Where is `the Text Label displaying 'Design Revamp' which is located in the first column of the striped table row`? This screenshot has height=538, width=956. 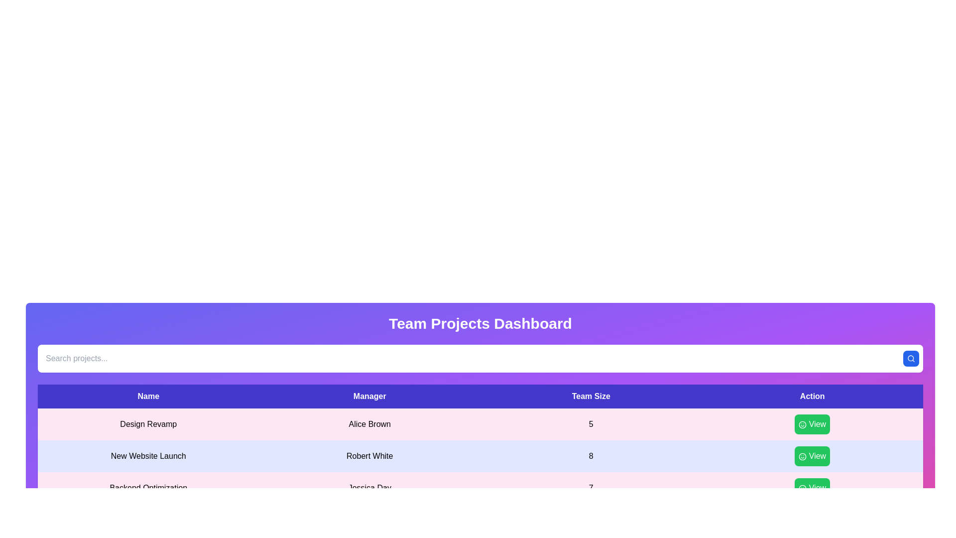
the Text Label displaying 'Design Revamp' which is located in the first column of the striped table row is located at coordinates (148, 424).